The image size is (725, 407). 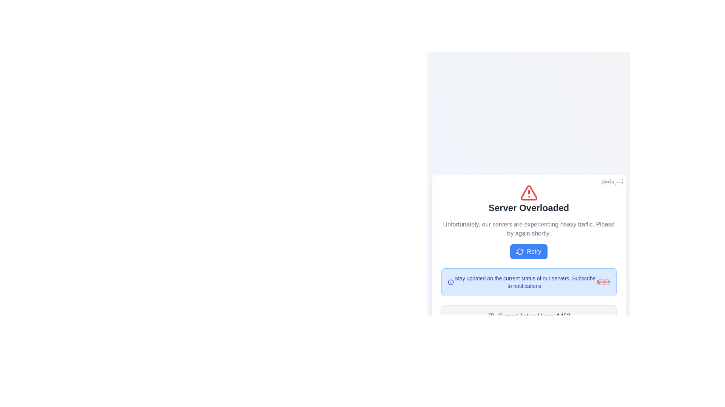 I want to click on the SVG Circle icon that represents part of an information or alert icon, located in the central area of the UI panel, so click(x=450, y=282).